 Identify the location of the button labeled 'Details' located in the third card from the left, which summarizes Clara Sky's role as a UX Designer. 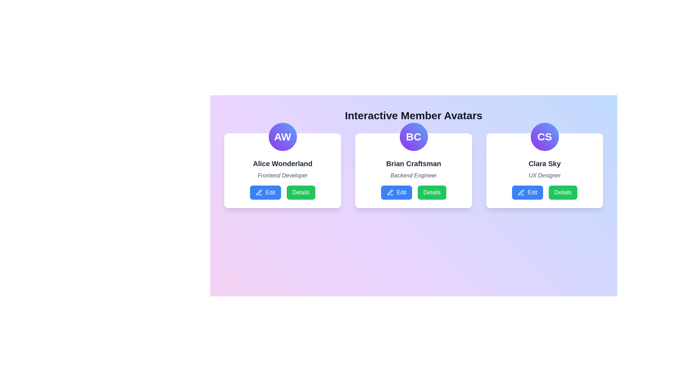
(544, 179).